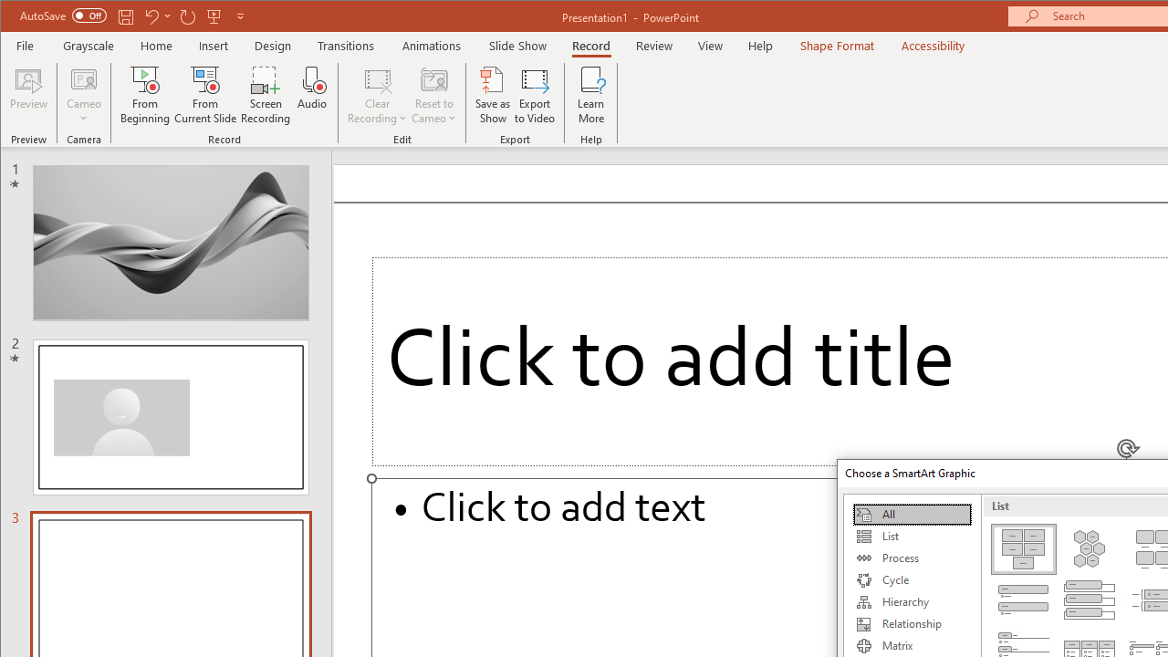 The height and width of the screenshot is (657, 1168). Describe the element at coordinates (534, 95) in the screenshot. I see `'Export to Video'` at that location.